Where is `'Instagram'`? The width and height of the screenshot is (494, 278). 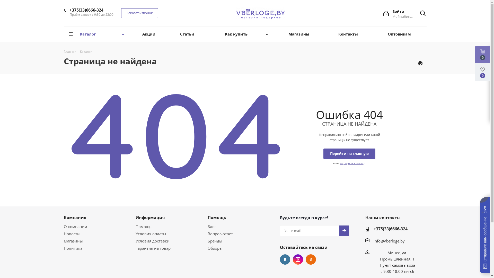 'Instagram' is located at coordinates (298, 259).